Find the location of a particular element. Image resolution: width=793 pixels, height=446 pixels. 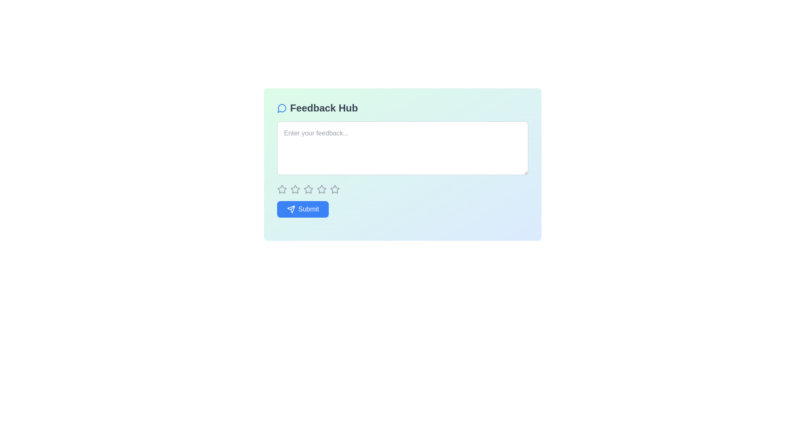

the third star rating icon in the row of five stars is located at coordinates (321, 189).